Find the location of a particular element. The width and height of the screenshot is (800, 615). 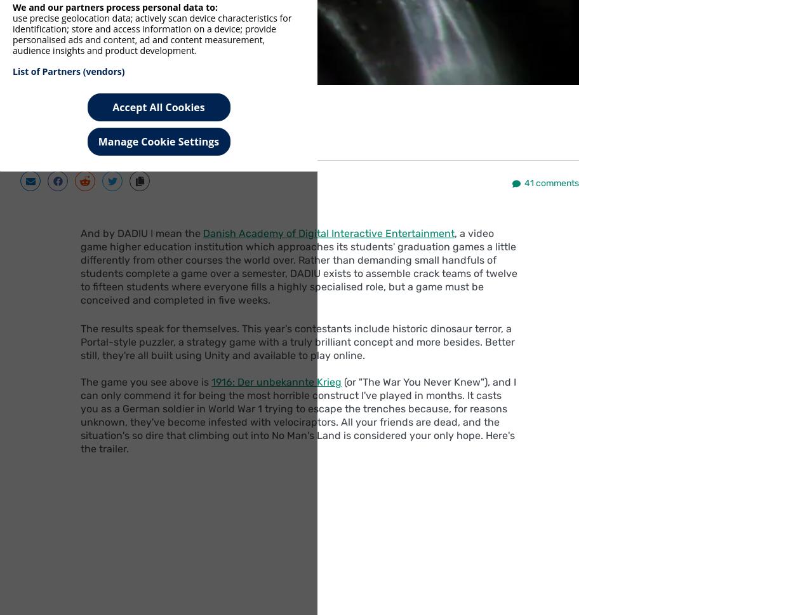

'The game you see above is' is located at coordinates (145, 382).